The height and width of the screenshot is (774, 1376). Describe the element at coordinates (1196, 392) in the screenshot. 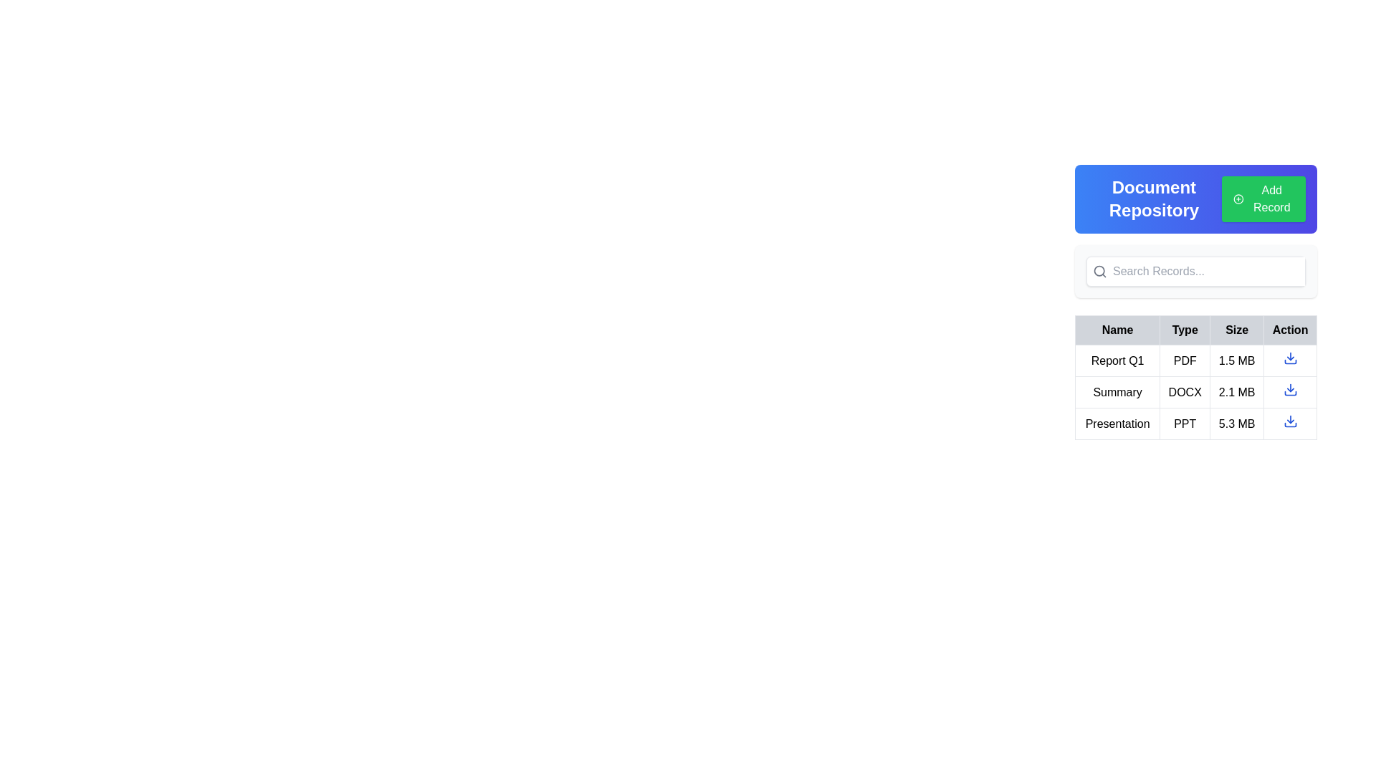

I see `the second row of the table displaying document information, which contains 'Summary' as the 'Name', 'DOCX' as the 'Type', '2.1 MB' as the 'Size', and a clickable icon for downloading under 'Action'` at that location.